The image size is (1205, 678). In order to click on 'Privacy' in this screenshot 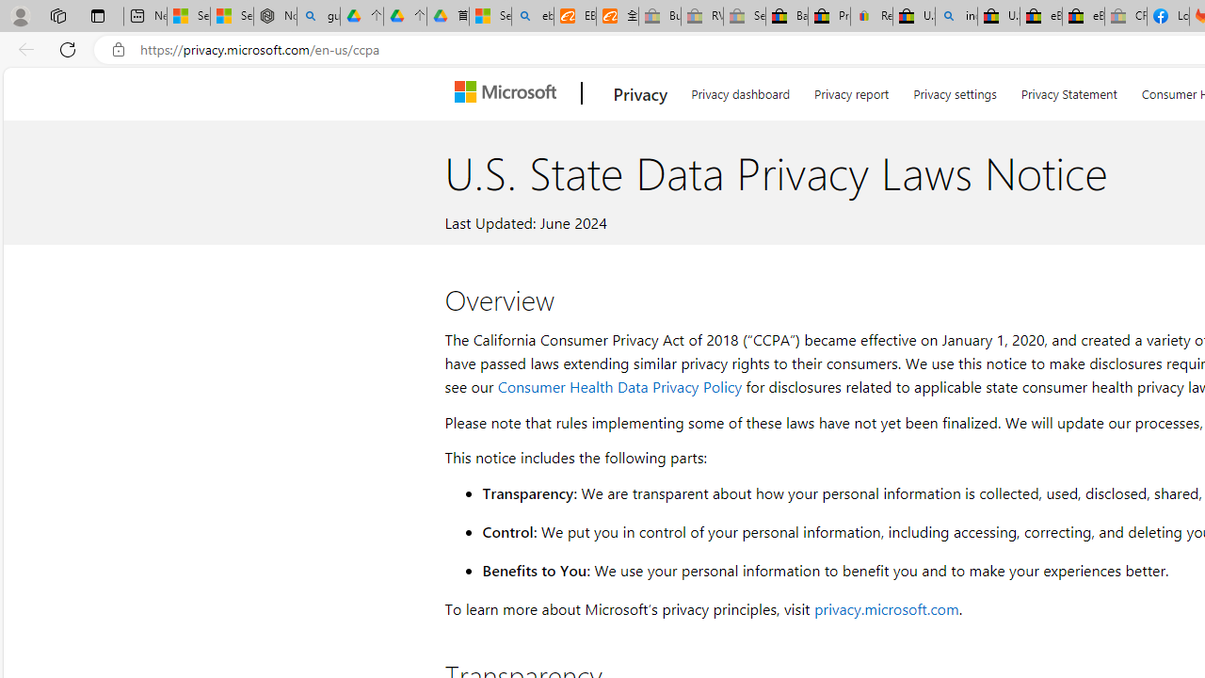, I will do `click(640, 93)`.